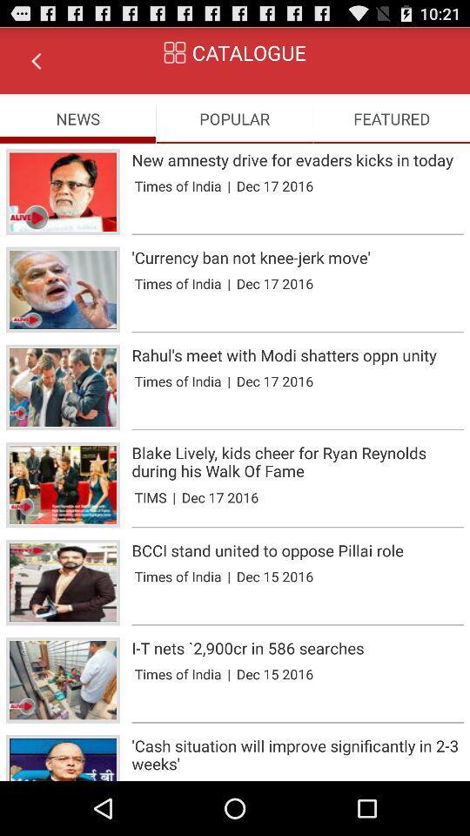  I want to click on item above news icon, so click(36, 60).